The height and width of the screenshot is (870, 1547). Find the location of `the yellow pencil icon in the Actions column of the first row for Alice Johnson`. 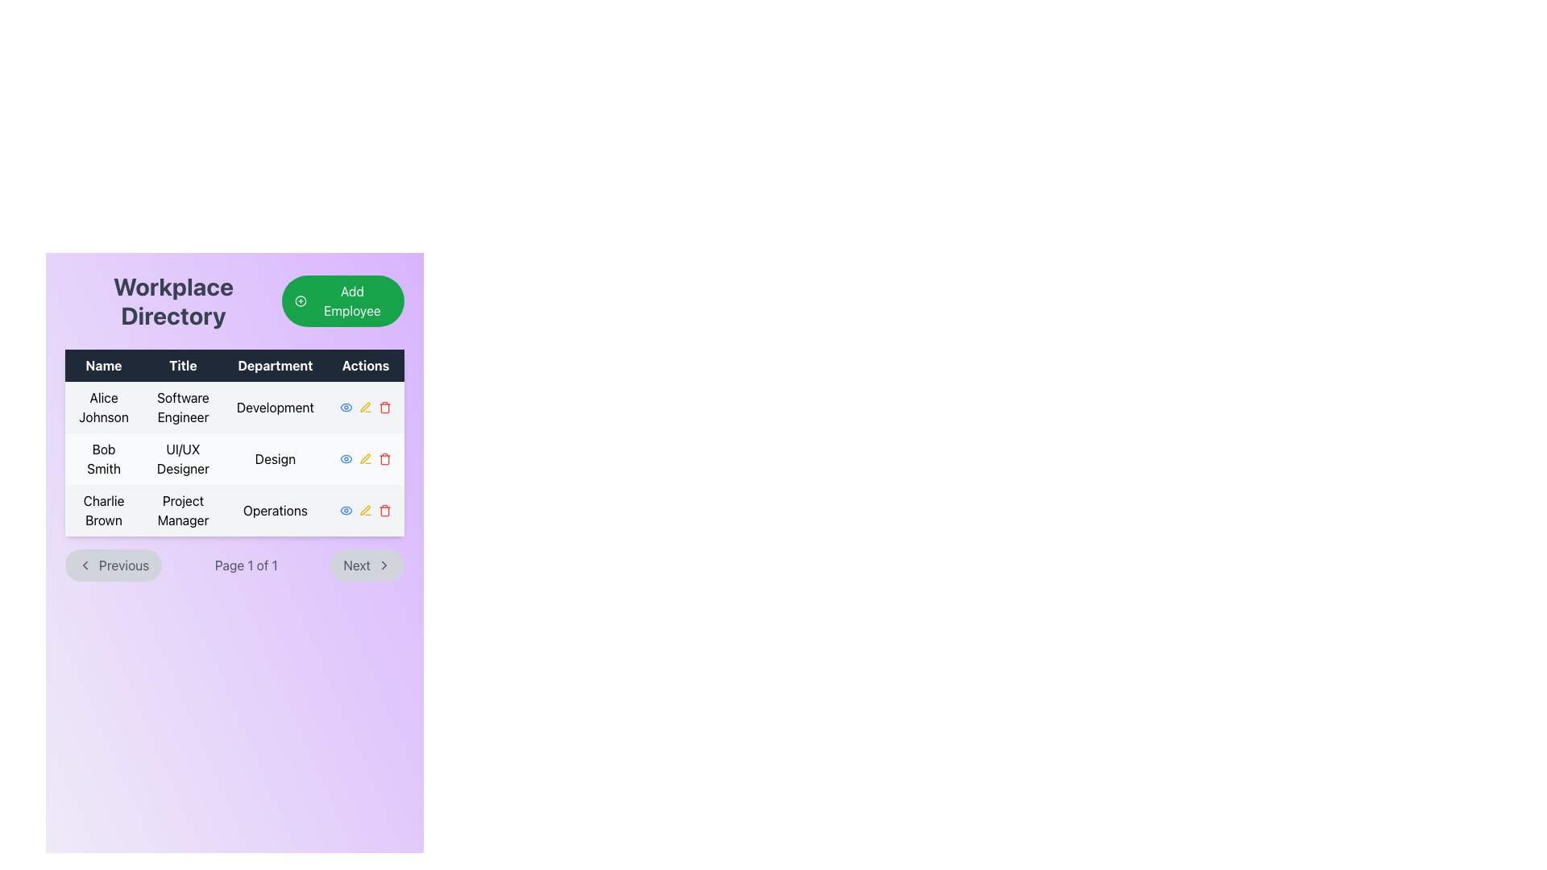

the yellow pencil icon in the Actions column of the first row for Alice Johnson is located at coordinates (365, 406).